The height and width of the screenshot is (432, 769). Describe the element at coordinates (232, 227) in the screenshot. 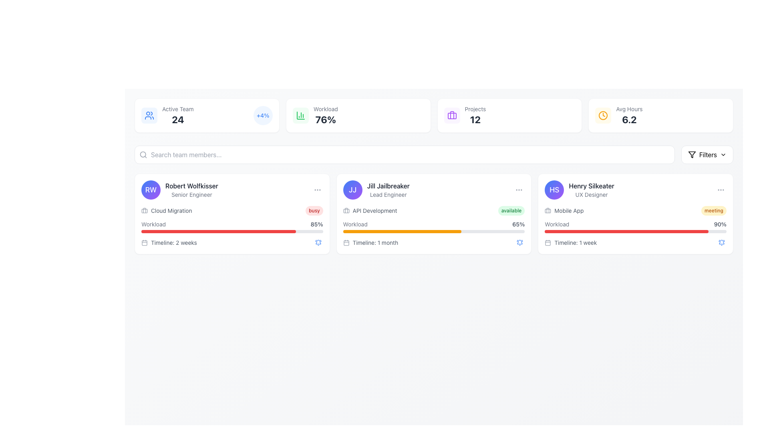

I see `task-related data presented in the Information Section for the individual 'Robert Wolfkisser', which includes workload progress ('85%') and contextual information ('Cloud Migration', 'Timeline: 2 weeks')` at that location.